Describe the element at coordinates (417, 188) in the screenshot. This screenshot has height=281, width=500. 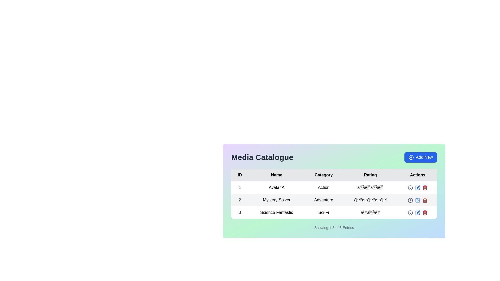
I see `the first SVG icon in the 'Actions' column of the Media Catalogue table for the 'Science Fantastic' row` at that location.